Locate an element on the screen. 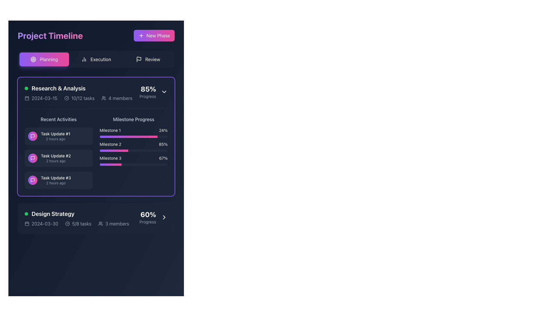 This screenshot has height=313, width=557. the text label displaying '4 members' located within the 'Research & Analysis' panel, positioned near the top-right corner, to the right of the user icon and to the left of the '85% Progress' text is located at coordinates (120, 98).